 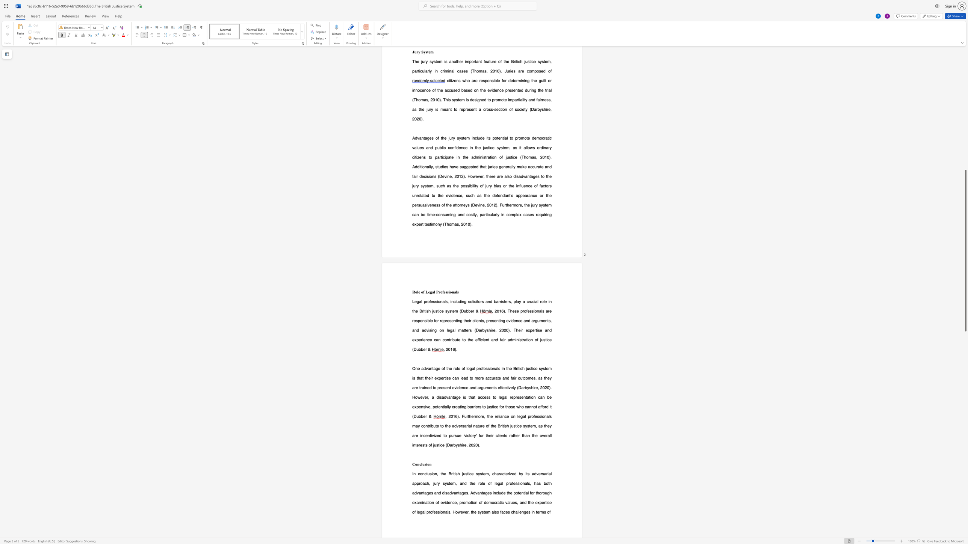 I want to click on the subset text "for" within the text "are responsible for", so click(x=433, y=321).